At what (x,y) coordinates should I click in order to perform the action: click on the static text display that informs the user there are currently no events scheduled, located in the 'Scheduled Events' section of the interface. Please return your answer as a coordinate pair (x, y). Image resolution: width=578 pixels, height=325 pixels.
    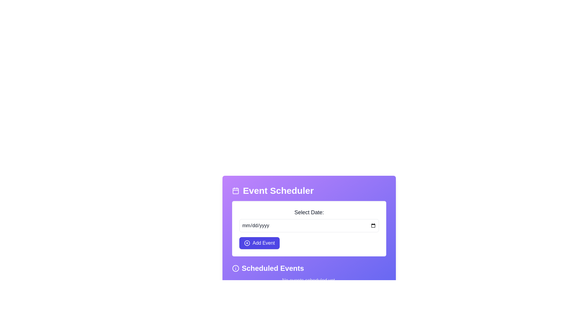
    Looking at the image, I should click on (309, 280).